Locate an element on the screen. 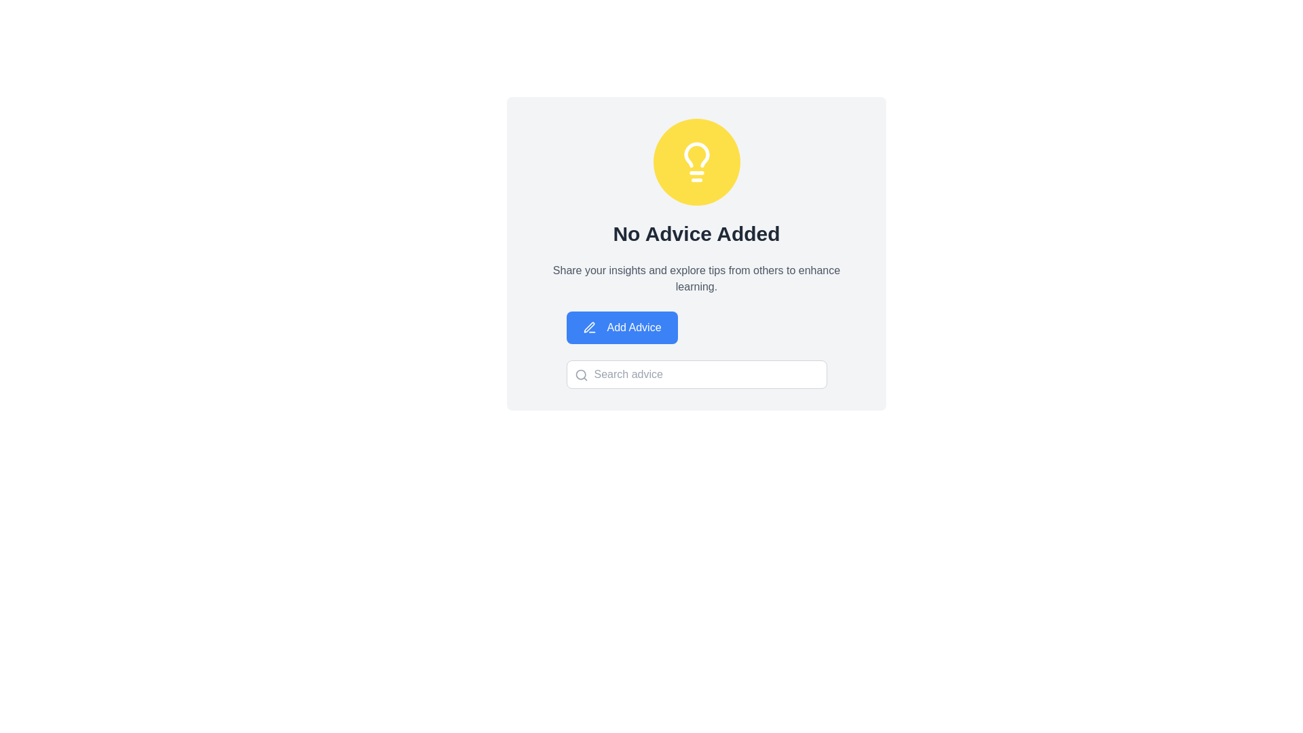 Image resolution: width=1303 pixels, height=733 pixels. the blue 'Add Advice' button with rounded corners, which features a left-aligned pen icon and white text is located at coordinates (621, 327).